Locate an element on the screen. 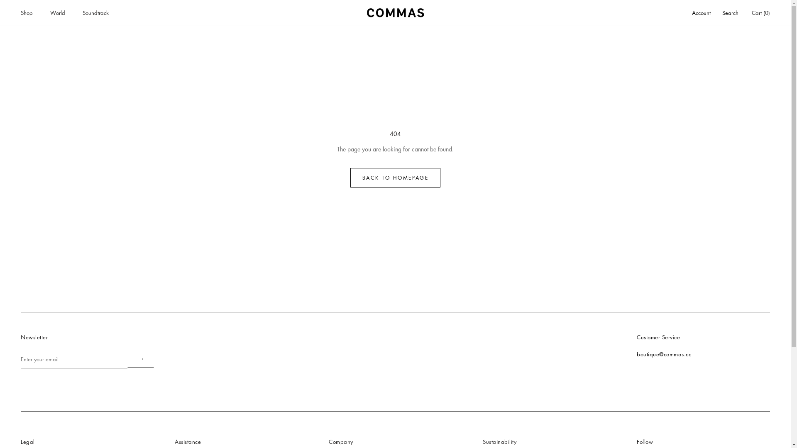 The image size is (797, 448). 'Shop is located at coordinates (27, 12).